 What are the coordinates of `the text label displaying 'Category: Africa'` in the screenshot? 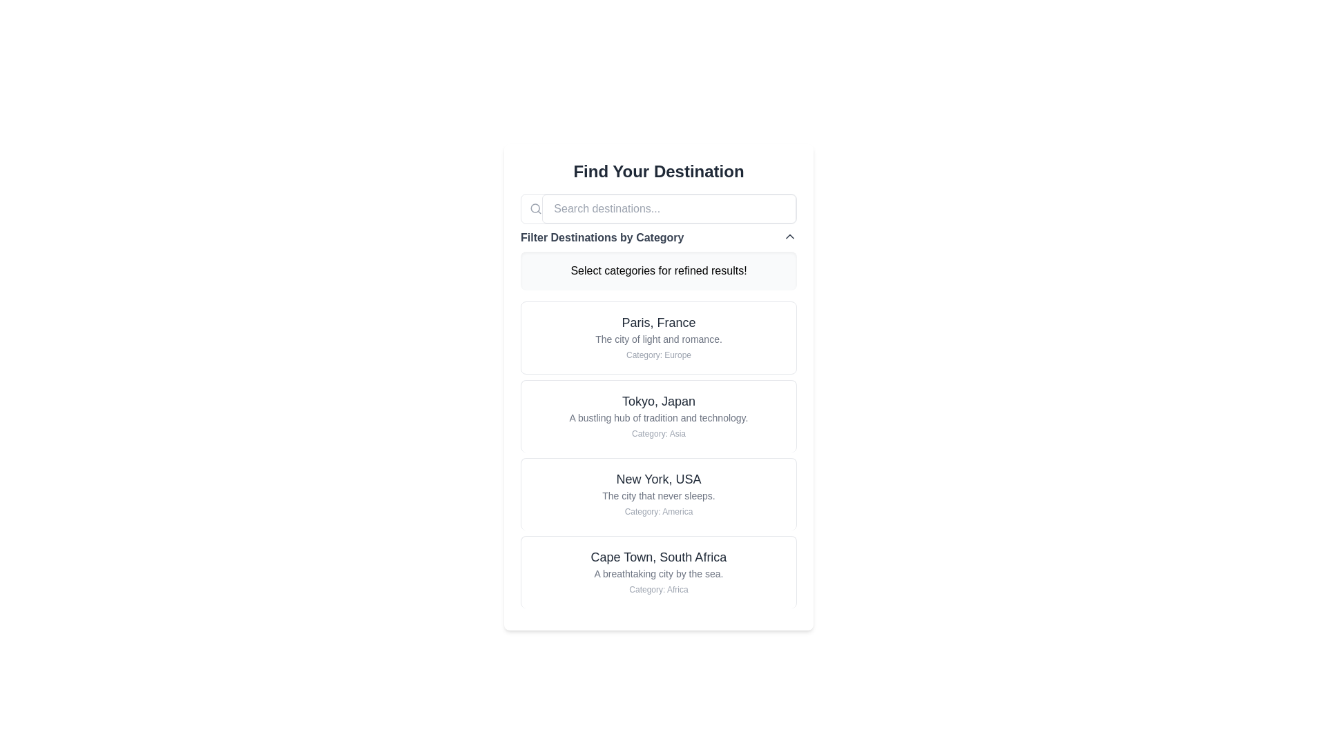 It's located at (658, 590).